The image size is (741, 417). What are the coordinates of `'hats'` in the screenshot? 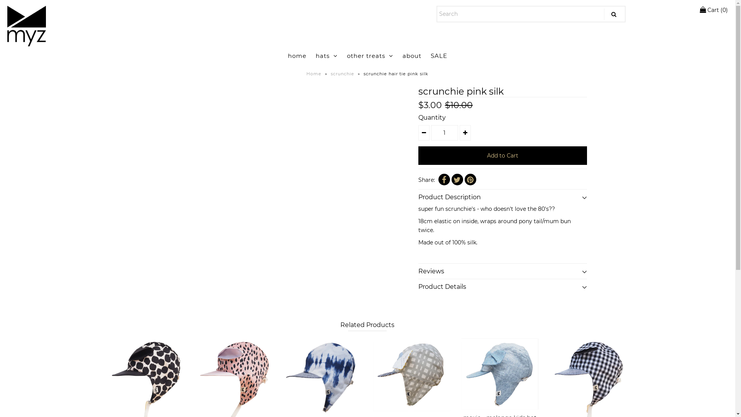 It's located at (327, 56).